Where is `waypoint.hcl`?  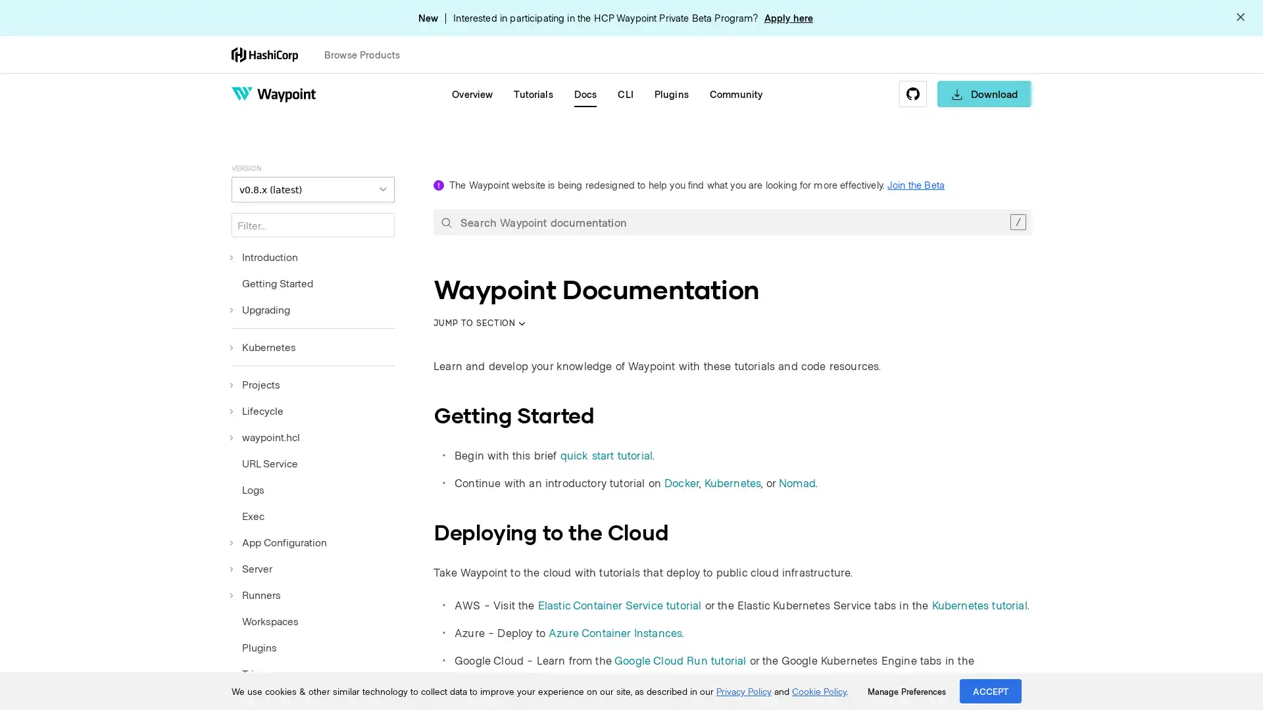 waypoint.hcl is located at coordinates (264, 437).